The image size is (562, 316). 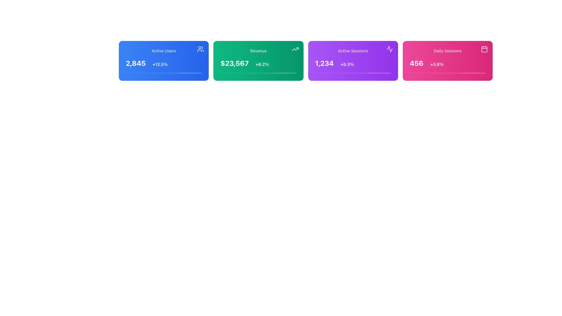 What do you see at coordinates (164, 73) in the screenshot?
I see `the progress level visually indicated by the horizontal progress bar located below the numeric value and percentage label in the 'Active Users' card` at bounding box center [164, 73].